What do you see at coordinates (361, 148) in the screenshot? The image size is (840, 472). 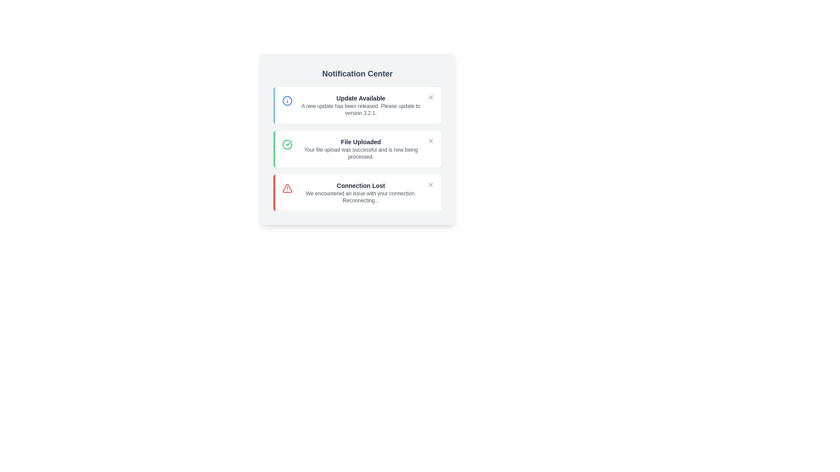 I see `notification text titled 'File Uploaded' with subtitle 'Your file upload was successful and is now being processed.' displayed in the second notification box of the Notification Center` at bounding box center [361, 148].